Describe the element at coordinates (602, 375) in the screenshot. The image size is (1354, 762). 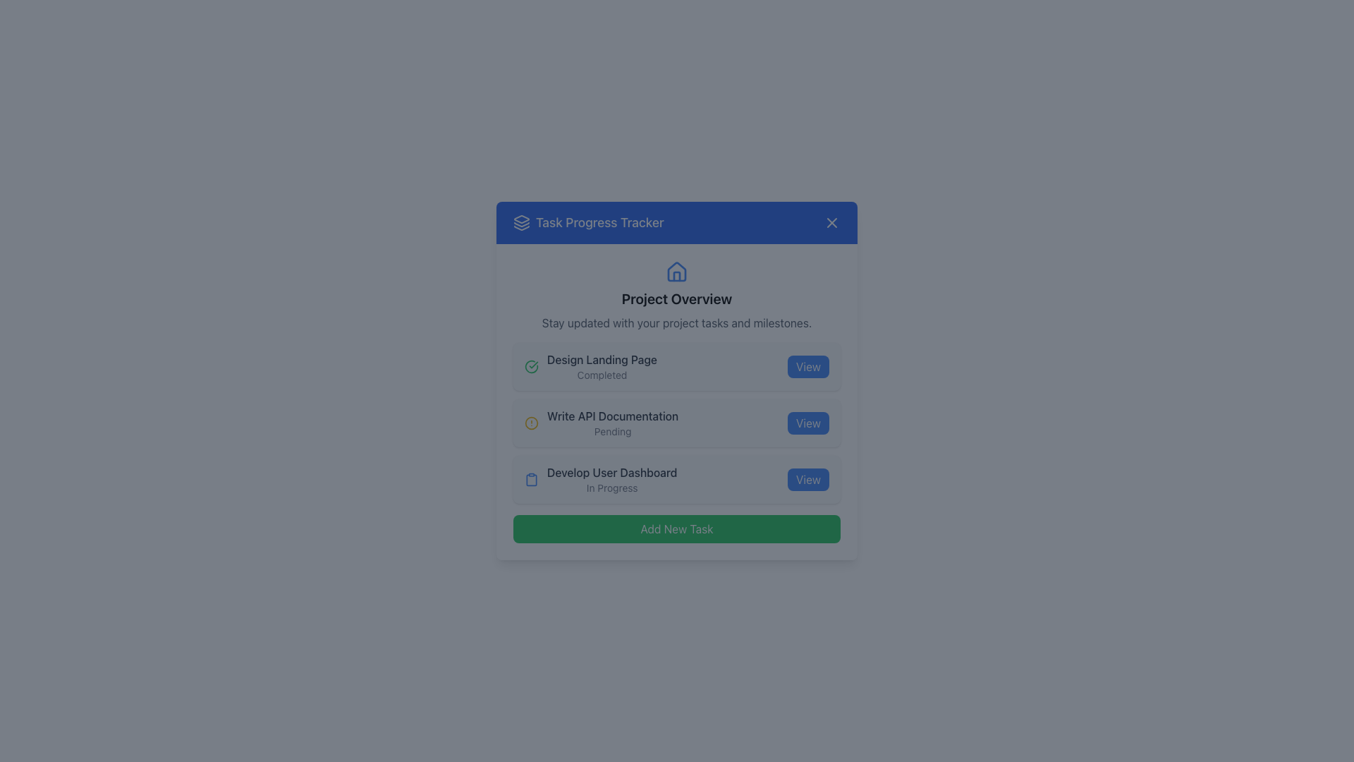
I see `the text label that reads 'Completed.' styled with a small font size and gray color, located below the 'Design Landing Page' text, serving as a status indicator in a task list` at that location.